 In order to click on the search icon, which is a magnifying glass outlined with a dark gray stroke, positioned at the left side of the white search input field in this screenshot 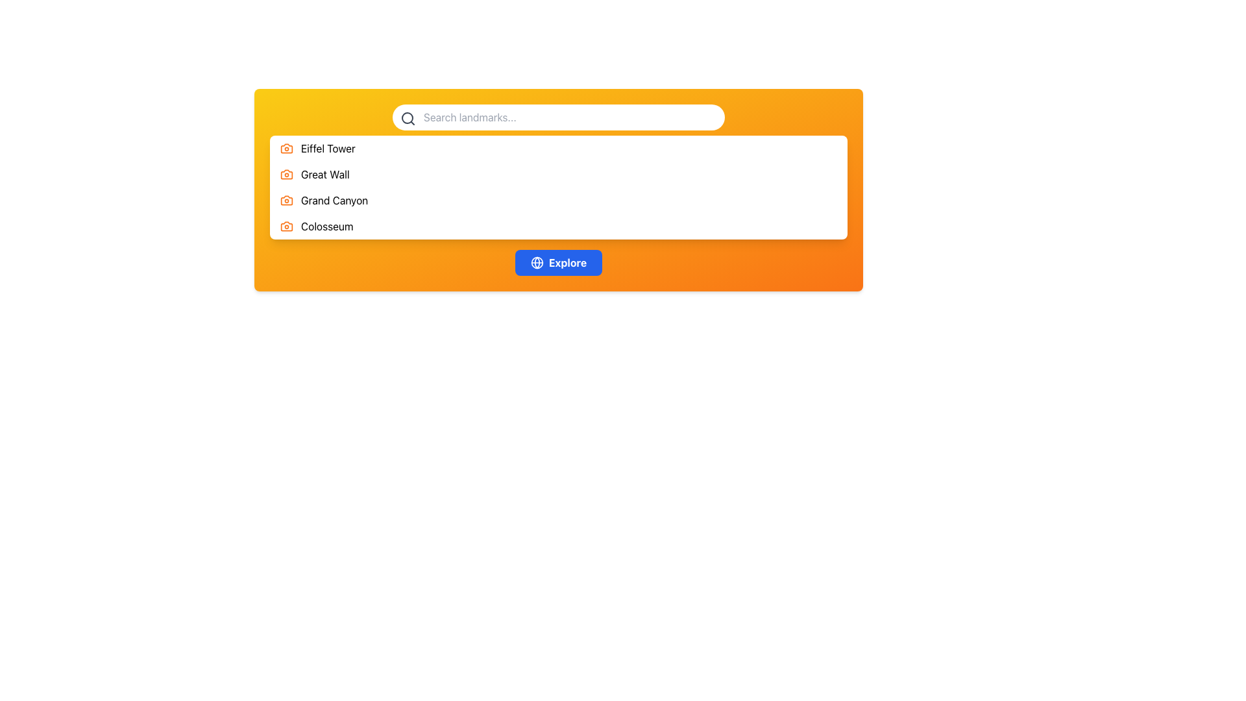, I will do `click(407, 118)`.